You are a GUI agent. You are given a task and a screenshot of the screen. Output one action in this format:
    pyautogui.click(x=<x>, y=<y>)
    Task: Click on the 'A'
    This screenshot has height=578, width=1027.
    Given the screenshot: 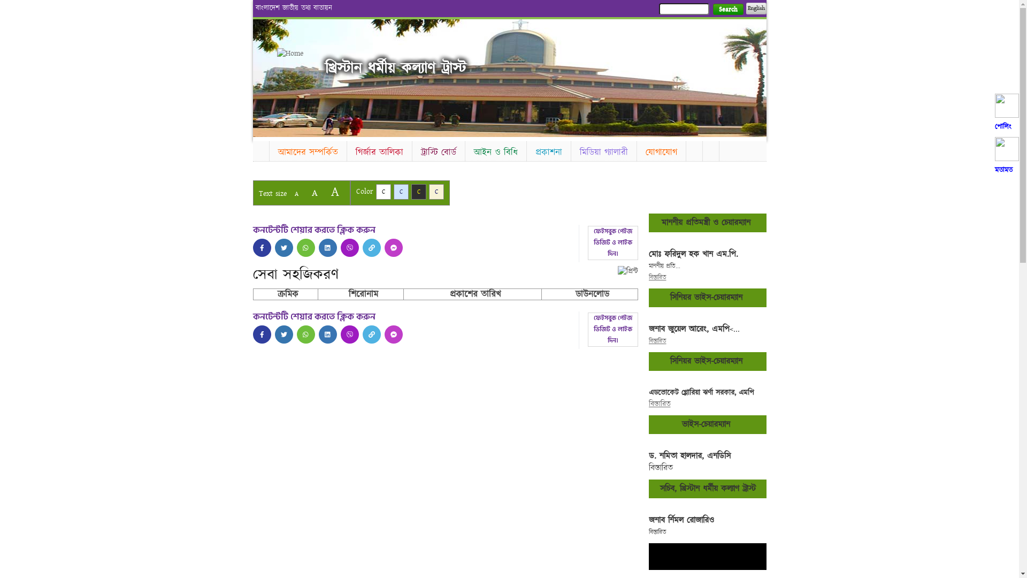 What is the action you would take?
    pyautogui.click(x=313, y=193)
    